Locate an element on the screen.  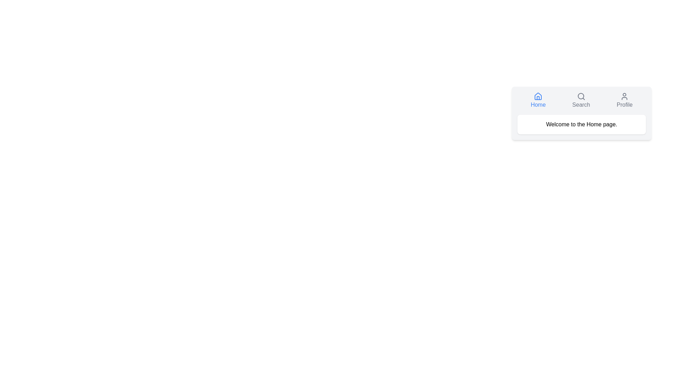
the user profile icon located in the navigation bar, which is the topmost component in the 'Profile' group is located at coordinates (625, 96).